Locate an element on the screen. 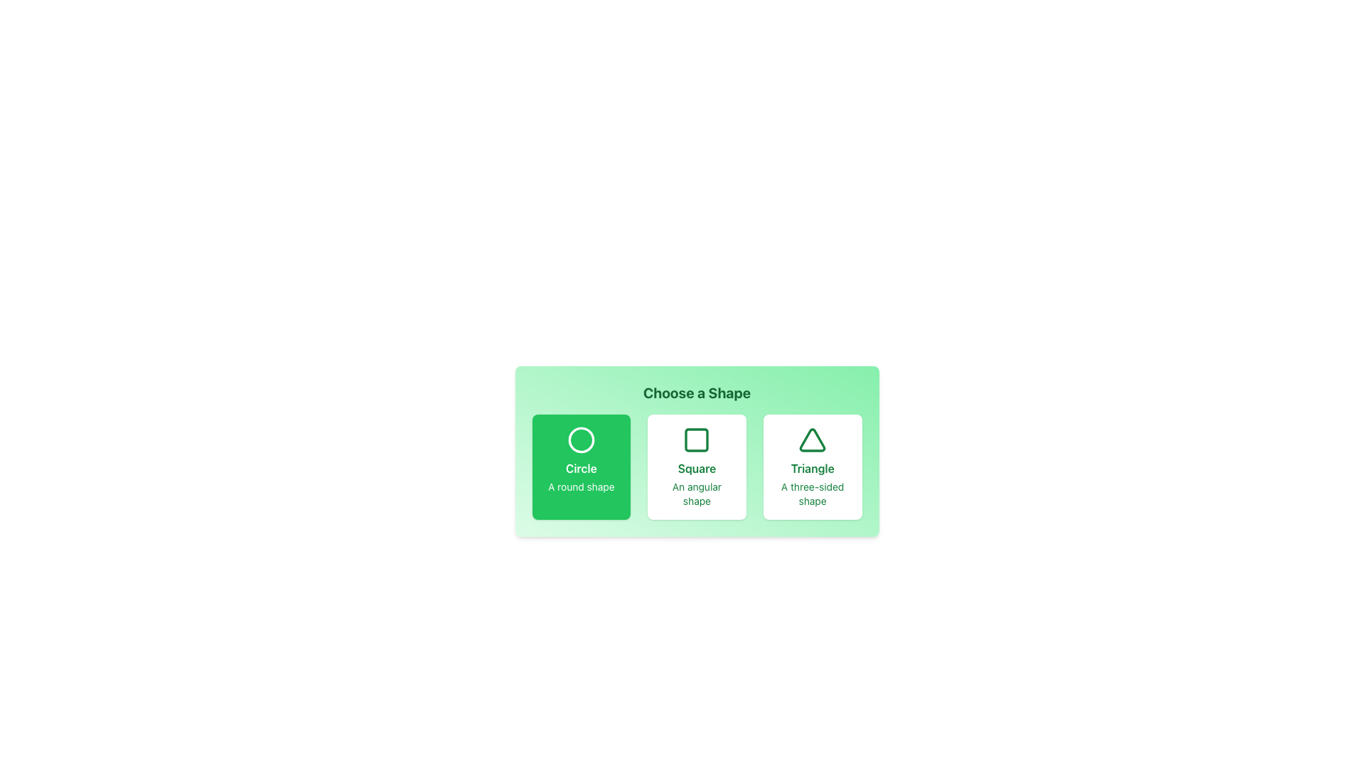  the 'Square' shape option card, which is the second card in the selection grid beneath the 'Choose a Shape' heading is located at coordinates (697, 452).